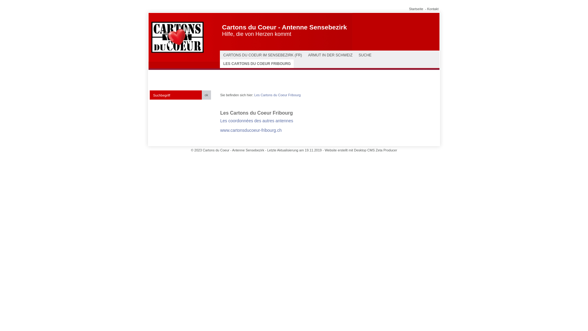 The height and width of the screenshot is (331, 588). I want to click on 'Les Cartons du Coeur Fribourg', so click(254, 95).